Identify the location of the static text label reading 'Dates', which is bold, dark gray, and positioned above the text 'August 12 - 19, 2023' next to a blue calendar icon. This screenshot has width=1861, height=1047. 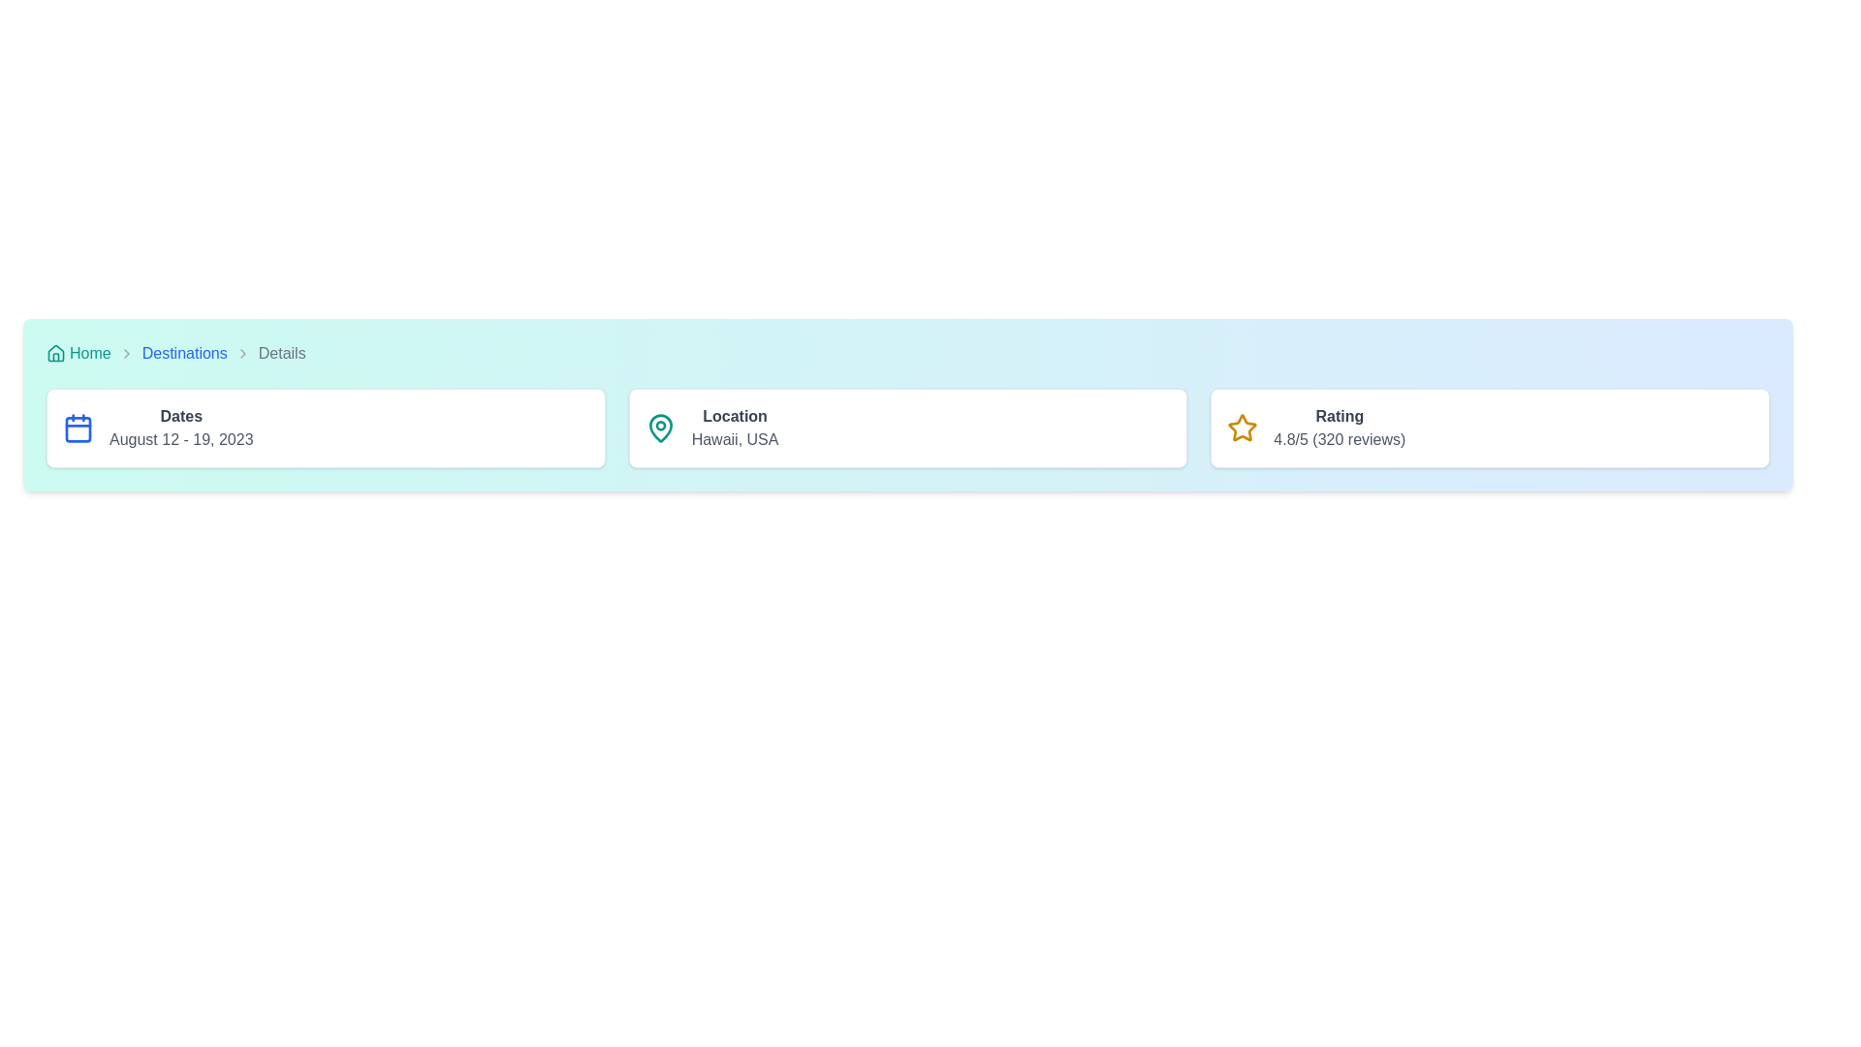
(181, 415).